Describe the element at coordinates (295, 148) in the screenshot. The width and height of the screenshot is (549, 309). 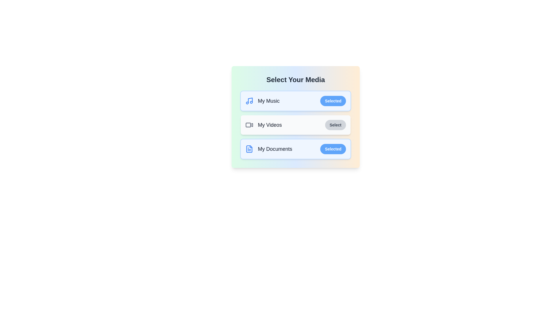
I see `the item My Documents to observe its hover effect` at that location.